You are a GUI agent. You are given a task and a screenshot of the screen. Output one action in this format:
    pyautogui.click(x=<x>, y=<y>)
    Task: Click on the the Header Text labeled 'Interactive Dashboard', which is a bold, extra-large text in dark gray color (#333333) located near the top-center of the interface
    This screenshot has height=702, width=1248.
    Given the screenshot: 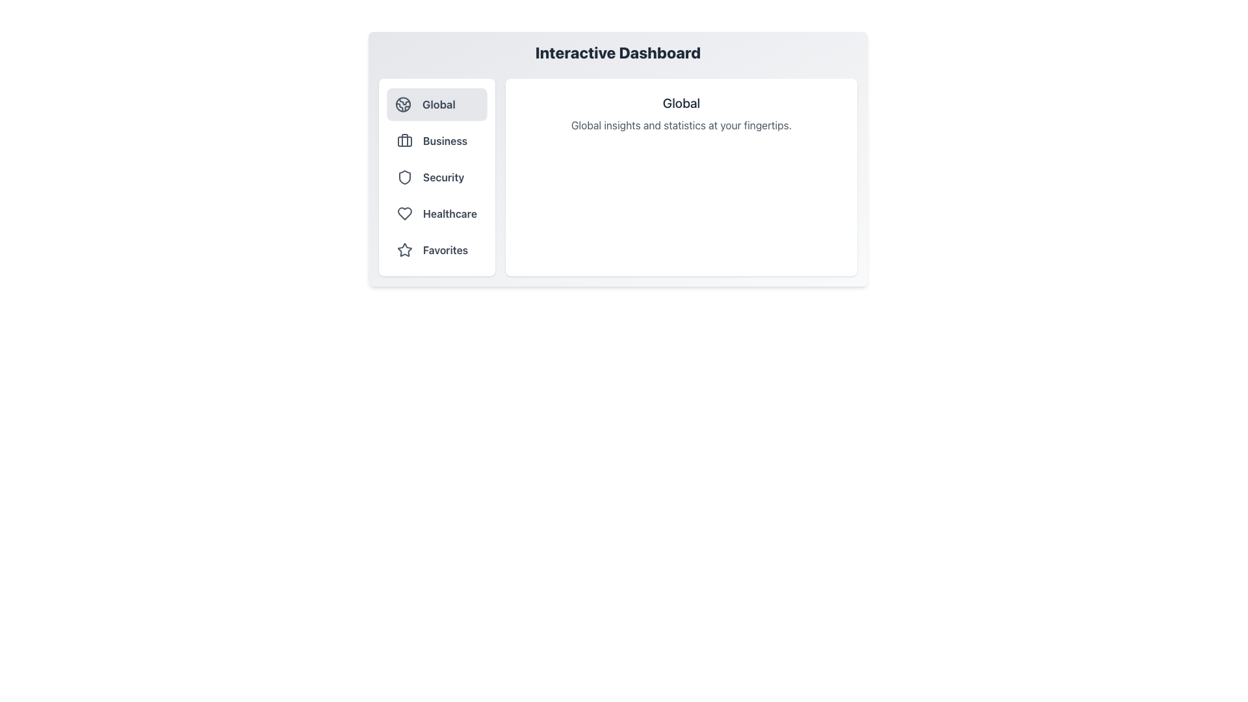 What is the action you would take?
    pyautogui.click(x=617, y=52)
    